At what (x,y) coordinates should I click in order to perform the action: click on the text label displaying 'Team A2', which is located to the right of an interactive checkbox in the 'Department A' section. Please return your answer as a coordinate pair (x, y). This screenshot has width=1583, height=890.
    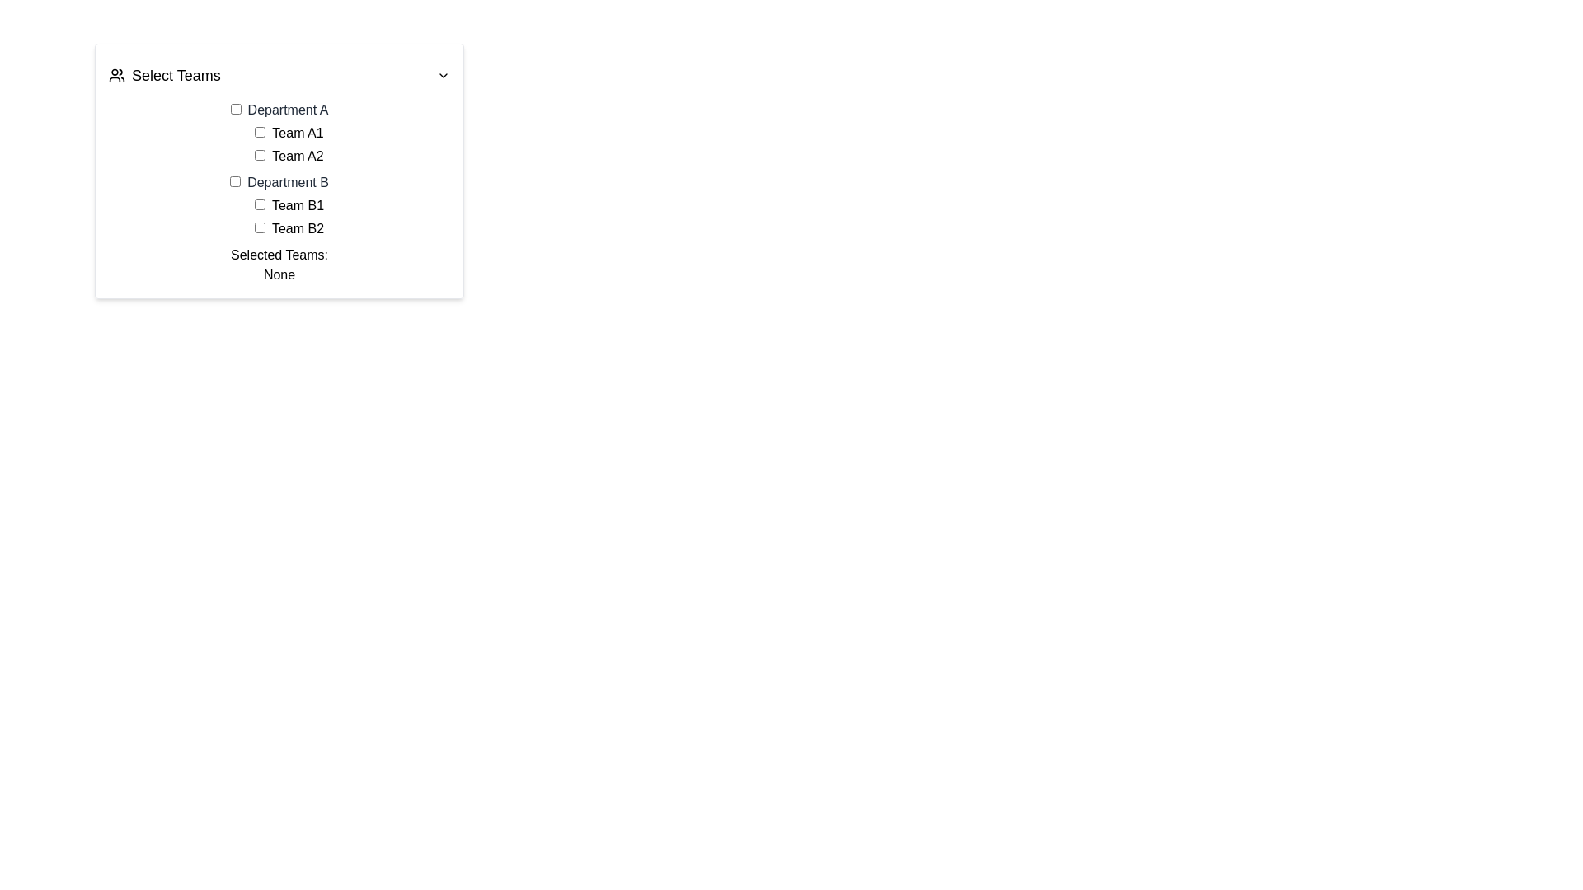
    Looking at the image, I should click on (298, 156).